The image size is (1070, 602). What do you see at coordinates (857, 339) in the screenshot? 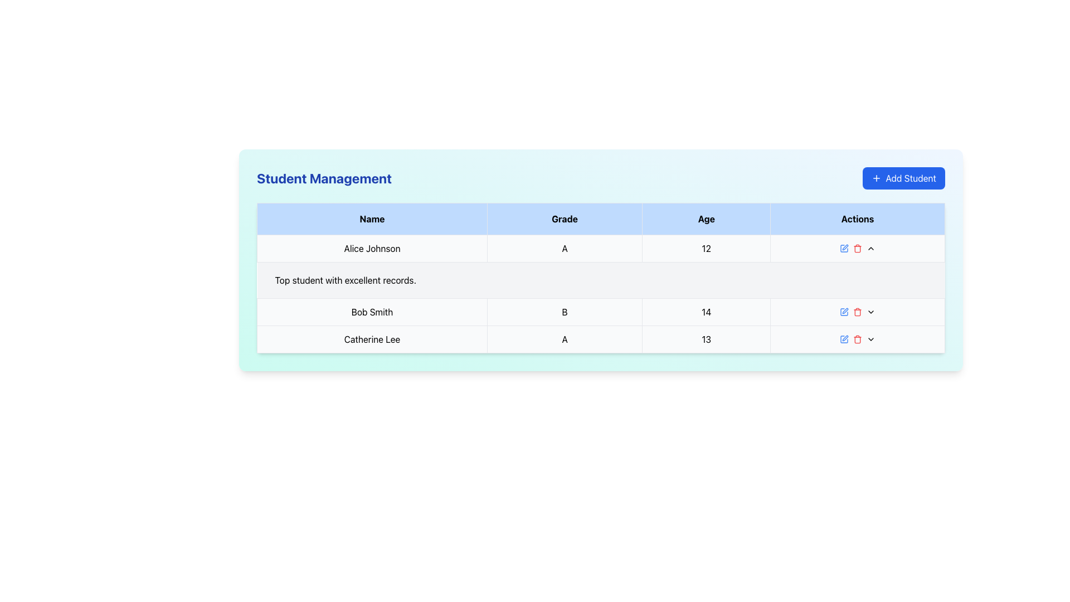
I see `the Delete Button located in the actions column of the third row of the table` at bounding box center [857, 339].